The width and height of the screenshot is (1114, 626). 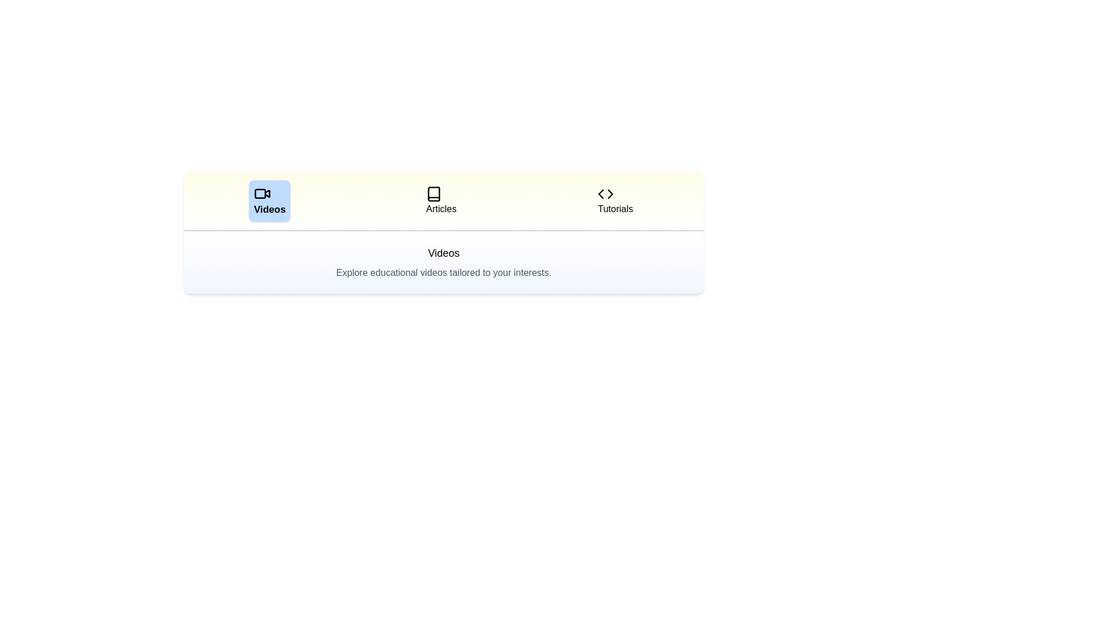 What do you see at coordinates (614, 201) in the screenshot?
I see `the tab corresponding to Tutorials by clicking its icon` at bounding box center [614, 201].